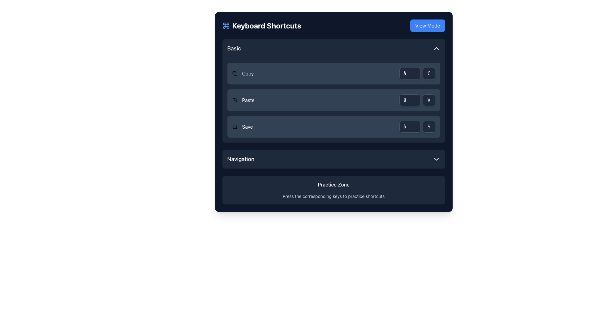 This screenshot has height=334, width=594. What do you see at coordinates (333, 48) in the screenshot?
I see `the 'Basic' collapsible menu header` at bounding box center [333, 48].